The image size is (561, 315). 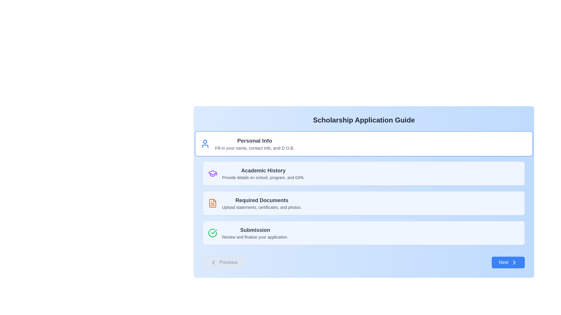 I want to click on the 'Personal Info' label, which is a bold title with a subtitle in a rectangular card layout, so click(x=254, y=144).